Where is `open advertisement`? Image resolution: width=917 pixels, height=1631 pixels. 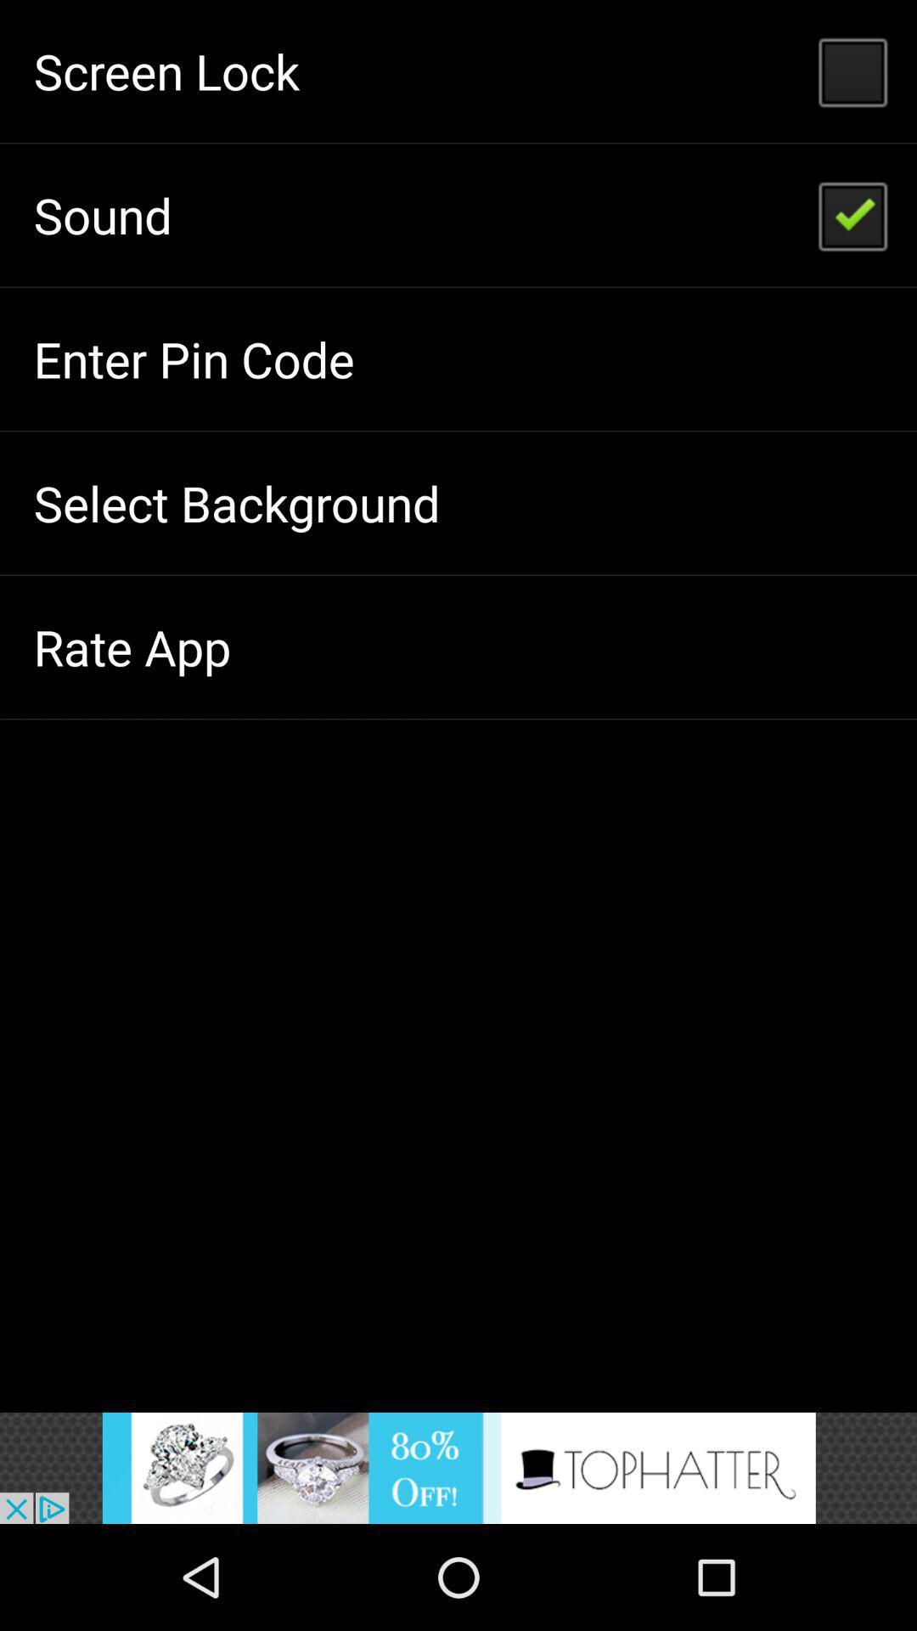
open advertisement is located at coordinates (458, 1467).